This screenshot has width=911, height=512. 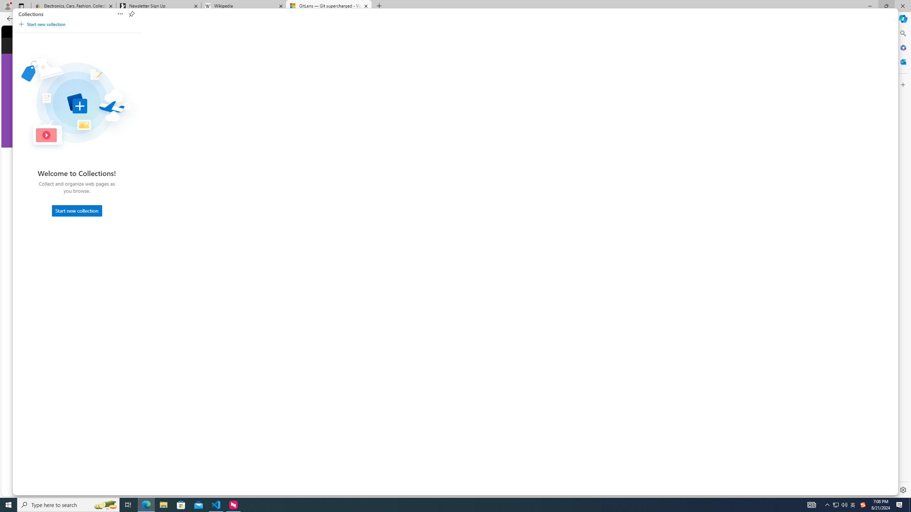 I want to click on 'Start new collection', so click(x=77, y=210).